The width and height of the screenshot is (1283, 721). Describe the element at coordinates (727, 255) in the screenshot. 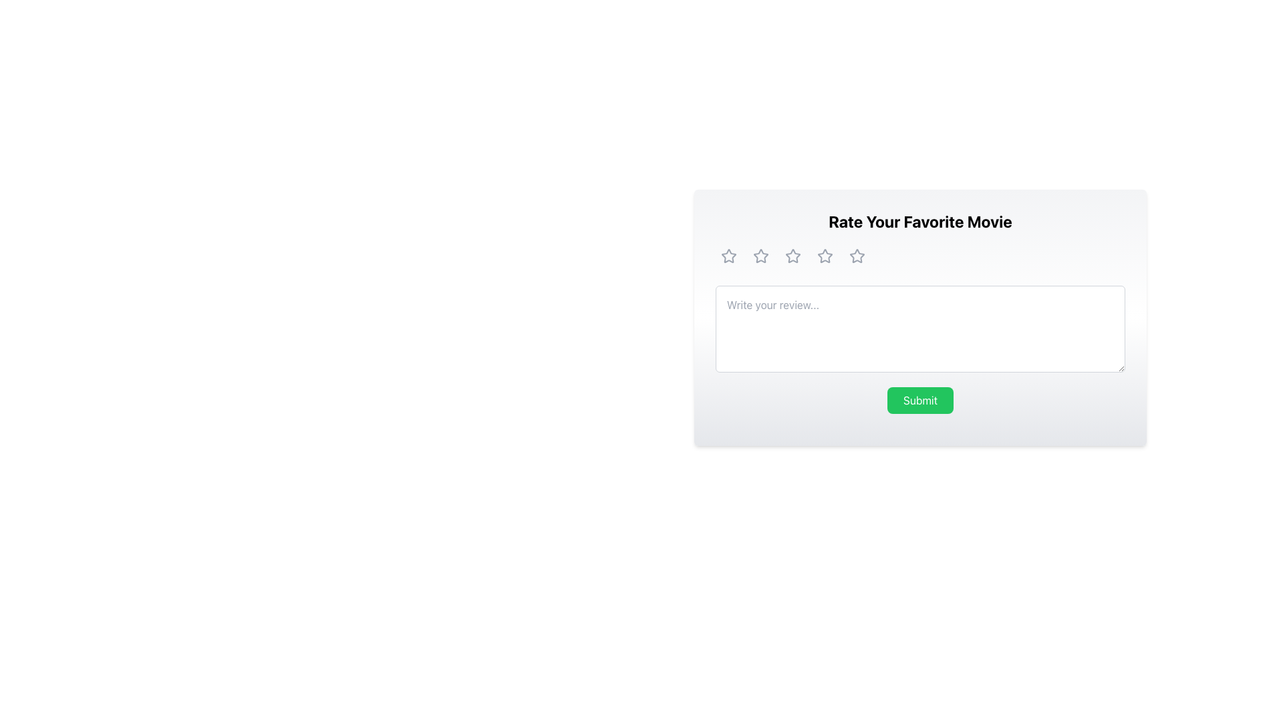

I see `the first star in the rating options under the 'Rate Your Favorite Movie' heading` at that location.